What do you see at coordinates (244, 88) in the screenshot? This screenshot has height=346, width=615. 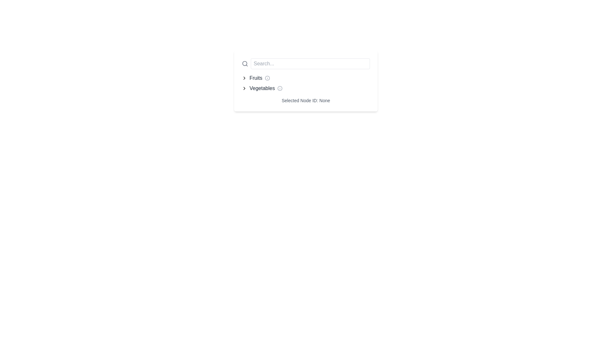 I see `the rightward-facing chevron icon located to the immediate left of the 'Vegetables' label` at bounding box center [244, 88].